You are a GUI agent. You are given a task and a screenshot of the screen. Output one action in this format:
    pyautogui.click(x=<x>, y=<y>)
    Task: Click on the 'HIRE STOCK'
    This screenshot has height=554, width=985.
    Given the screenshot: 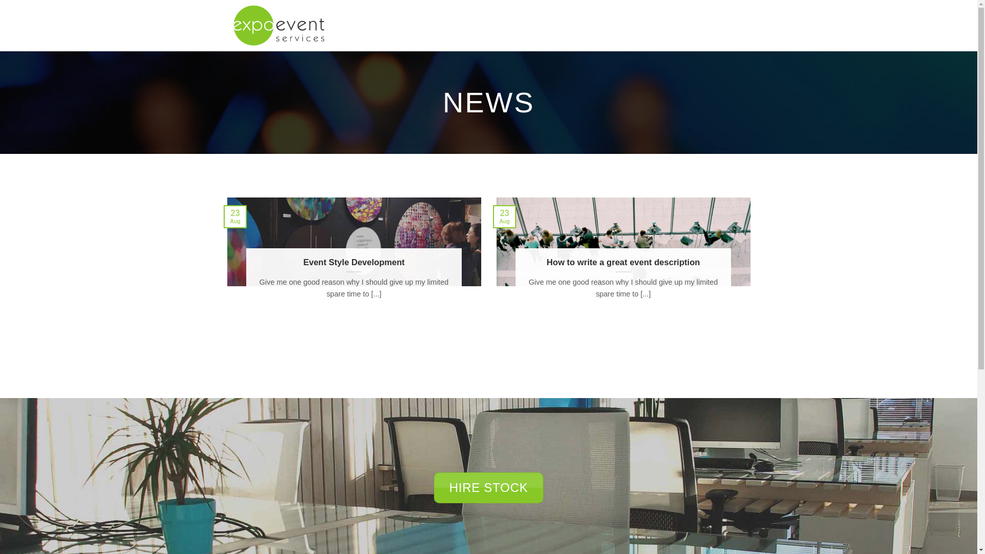 What is the action you would take?
    pyautogui.click(x=488, y=487)
    